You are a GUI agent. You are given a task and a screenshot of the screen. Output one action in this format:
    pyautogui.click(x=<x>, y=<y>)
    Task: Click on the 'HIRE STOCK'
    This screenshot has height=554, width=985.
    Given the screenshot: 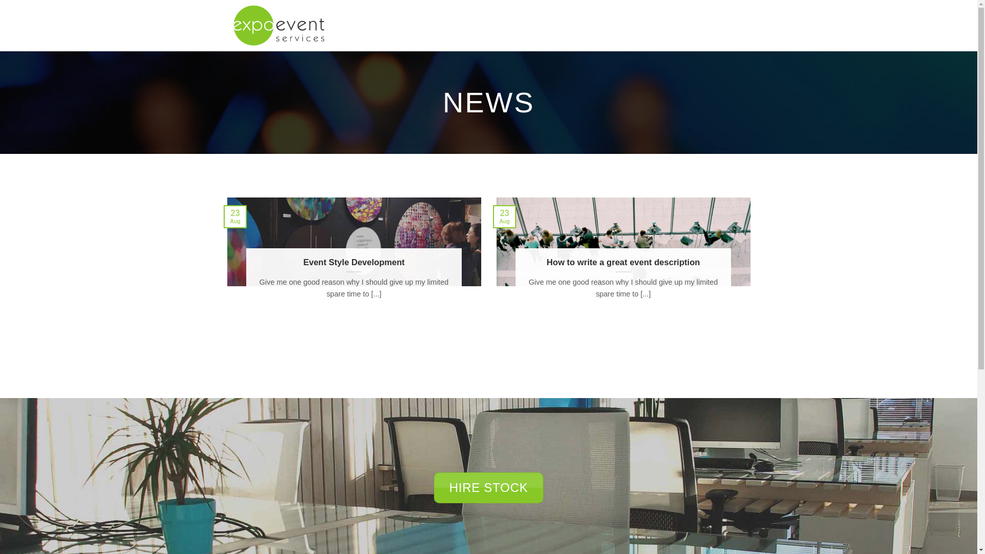 What is the action you would take?
    pyautogui.click(x=488, y=487)
    